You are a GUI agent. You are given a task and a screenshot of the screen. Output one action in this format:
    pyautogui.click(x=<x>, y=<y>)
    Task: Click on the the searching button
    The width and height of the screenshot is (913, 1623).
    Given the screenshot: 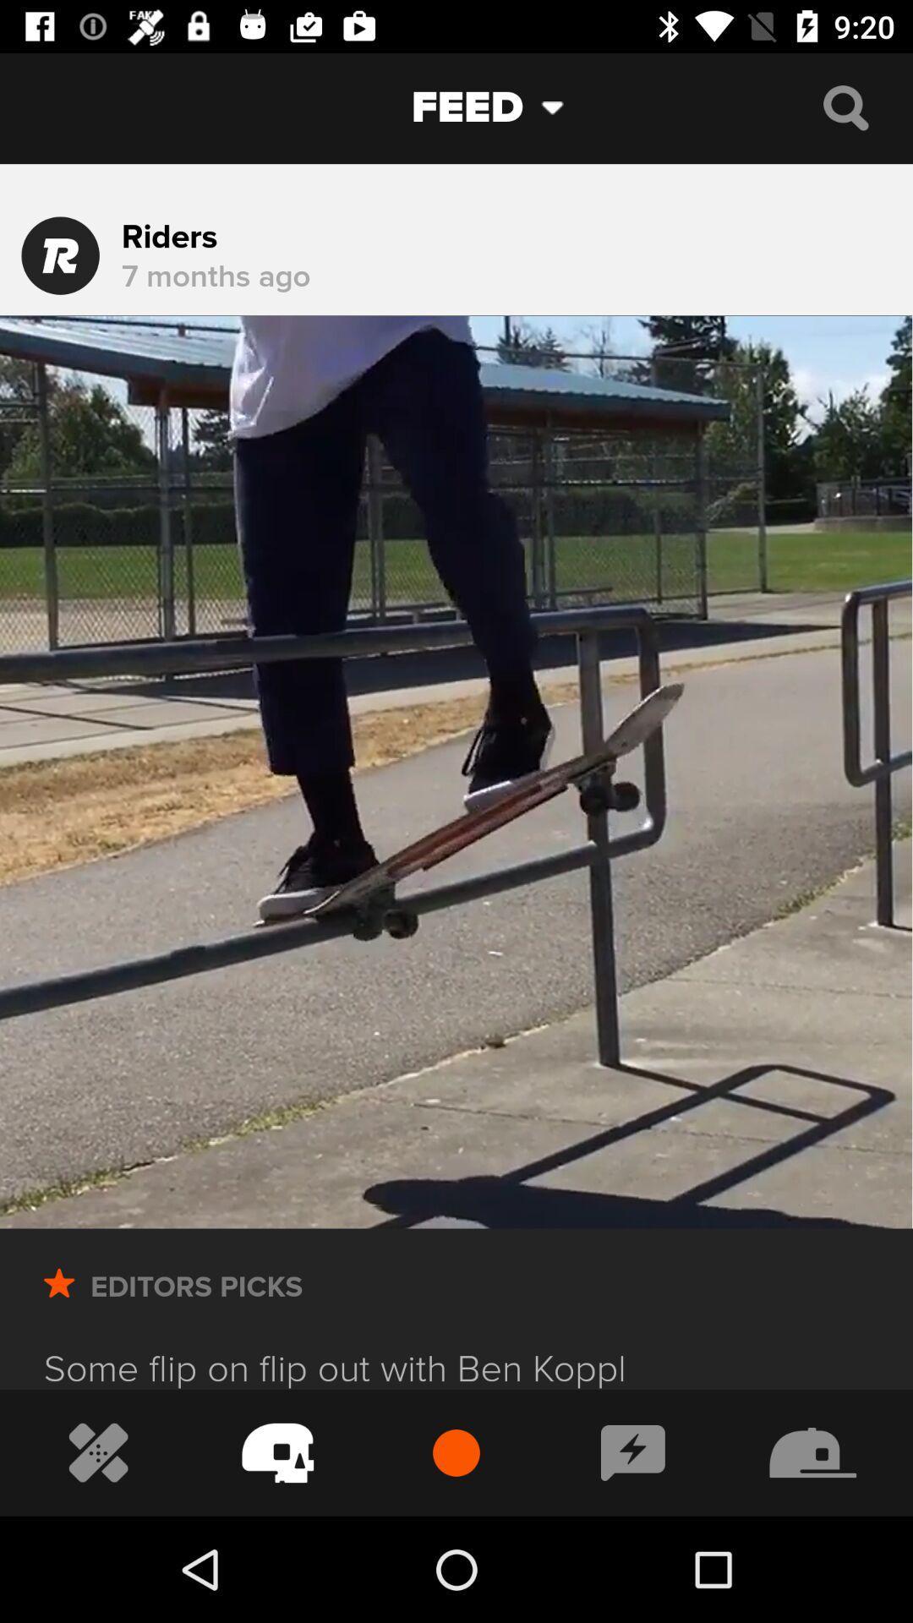 What is the action you would take?
    pyautogui.click(x=845, y=107)
    